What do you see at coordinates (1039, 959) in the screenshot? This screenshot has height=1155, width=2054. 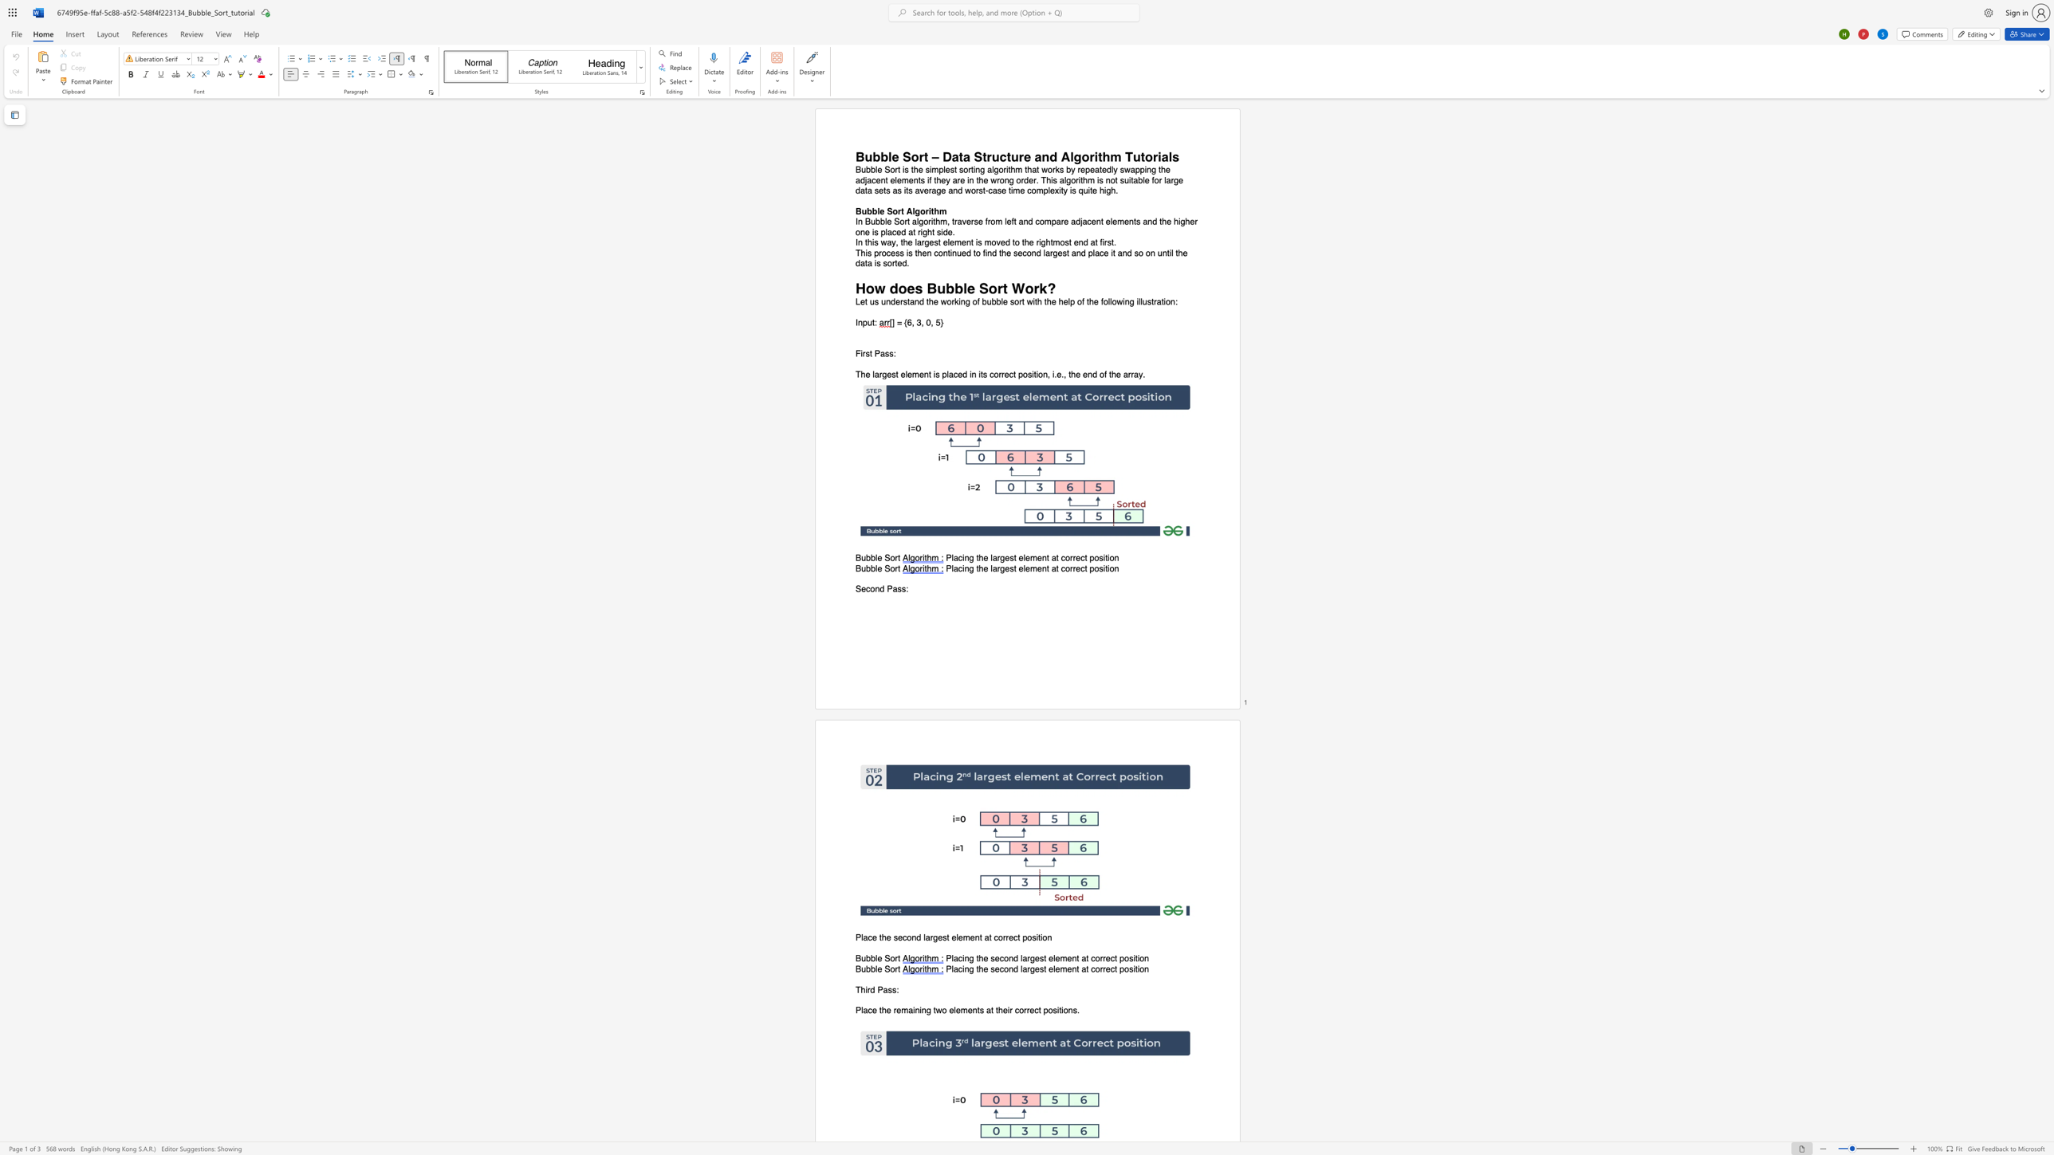 I see `the space between the continuous character "e" and "s" in the text` at bounding box center [1039, 959].